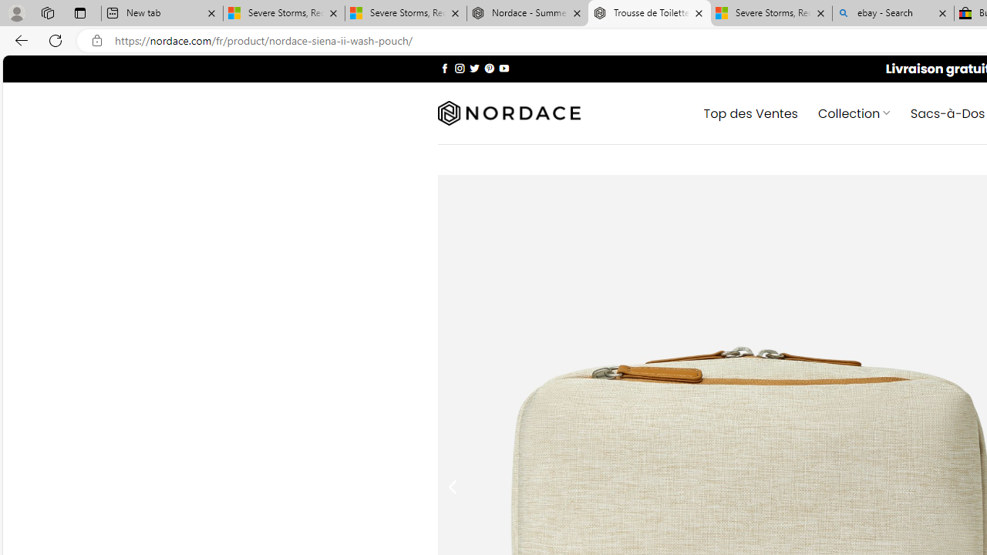 Image resolution: width=987 pixels, height=555 pixels. I want to click on 'Nous suivre sur Instagram', so click(459, 67).